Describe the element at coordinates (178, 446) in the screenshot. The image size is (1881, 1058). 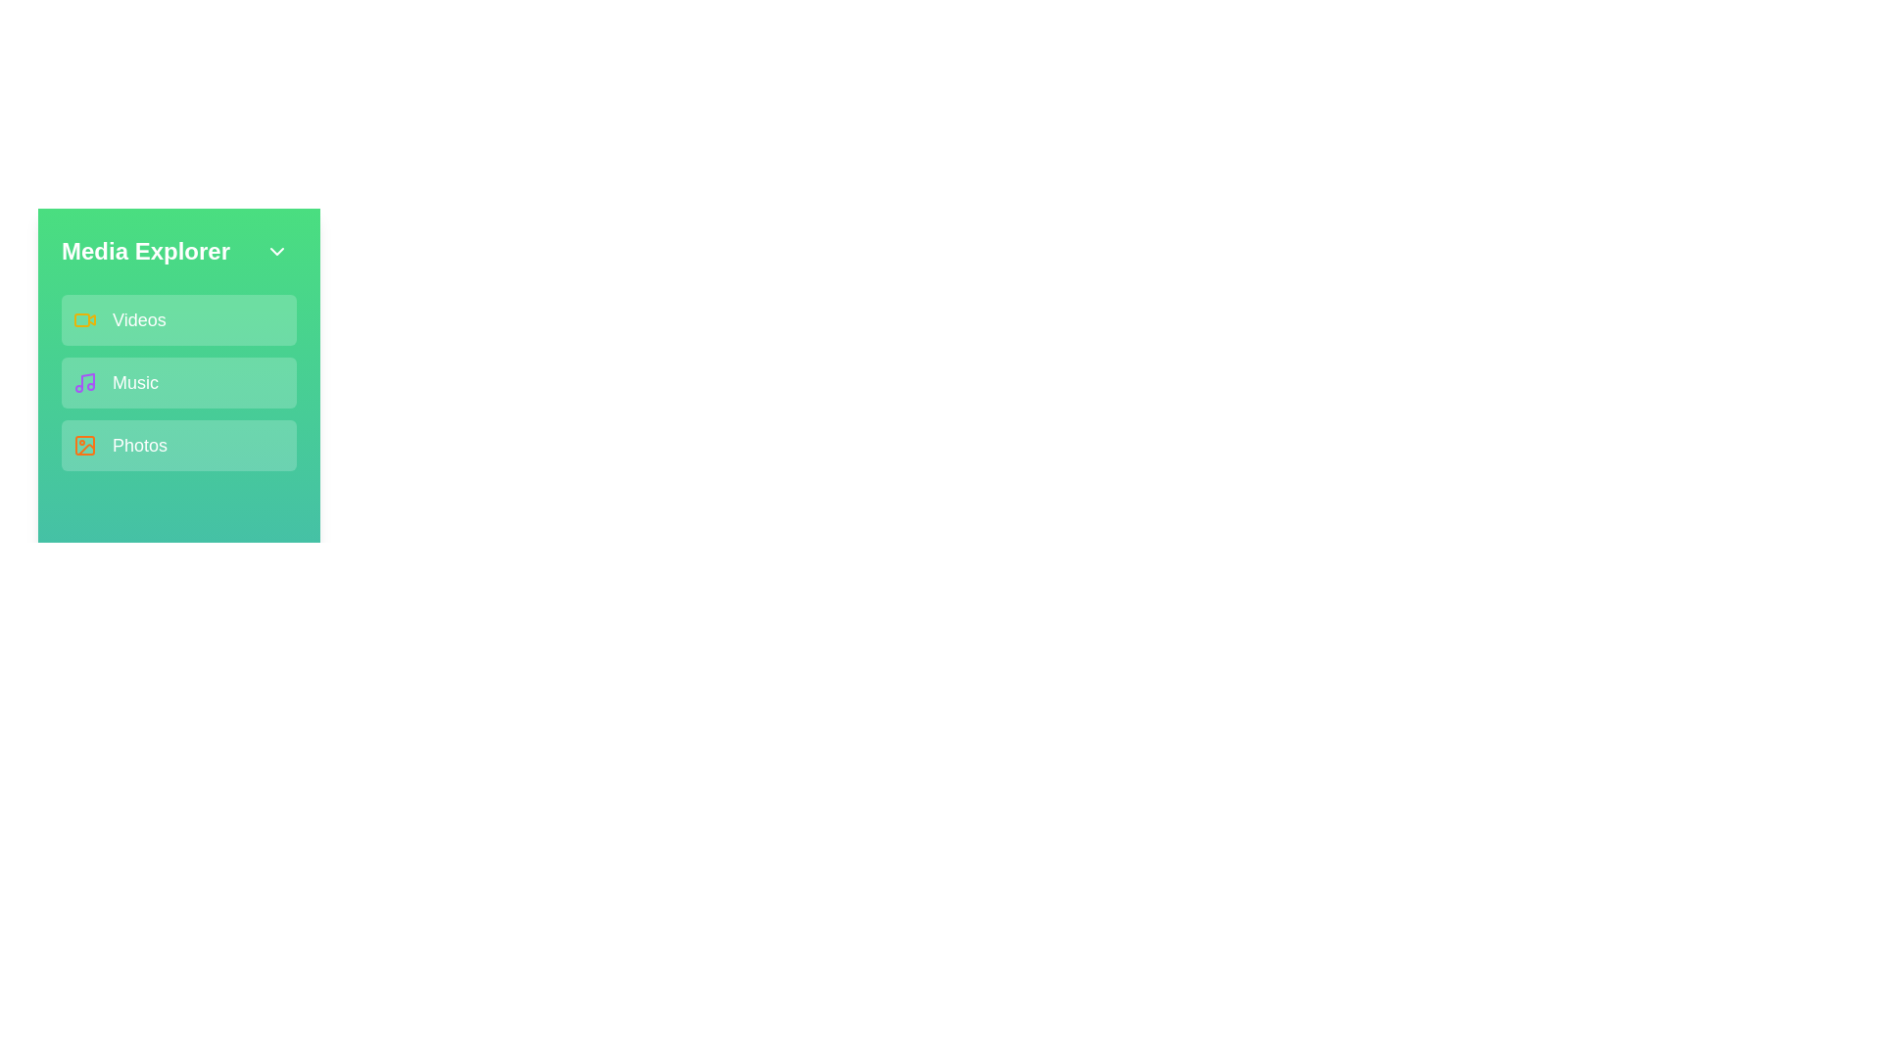
I see `the media category Photos from the sidebar` at that location.